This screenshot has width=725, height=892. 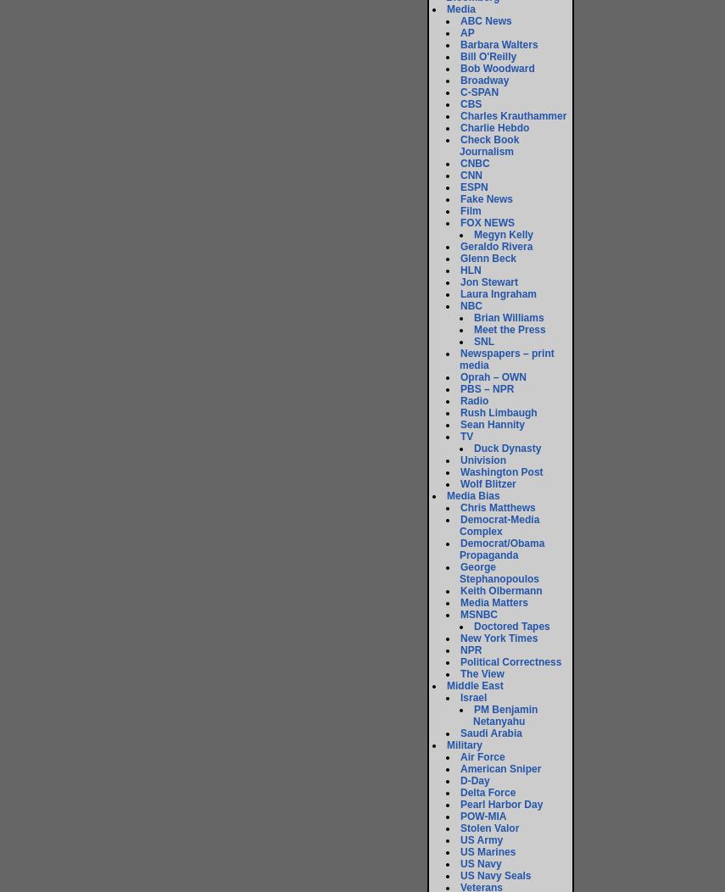 I want to click on 'Broadway', so click(x=483, y=80).